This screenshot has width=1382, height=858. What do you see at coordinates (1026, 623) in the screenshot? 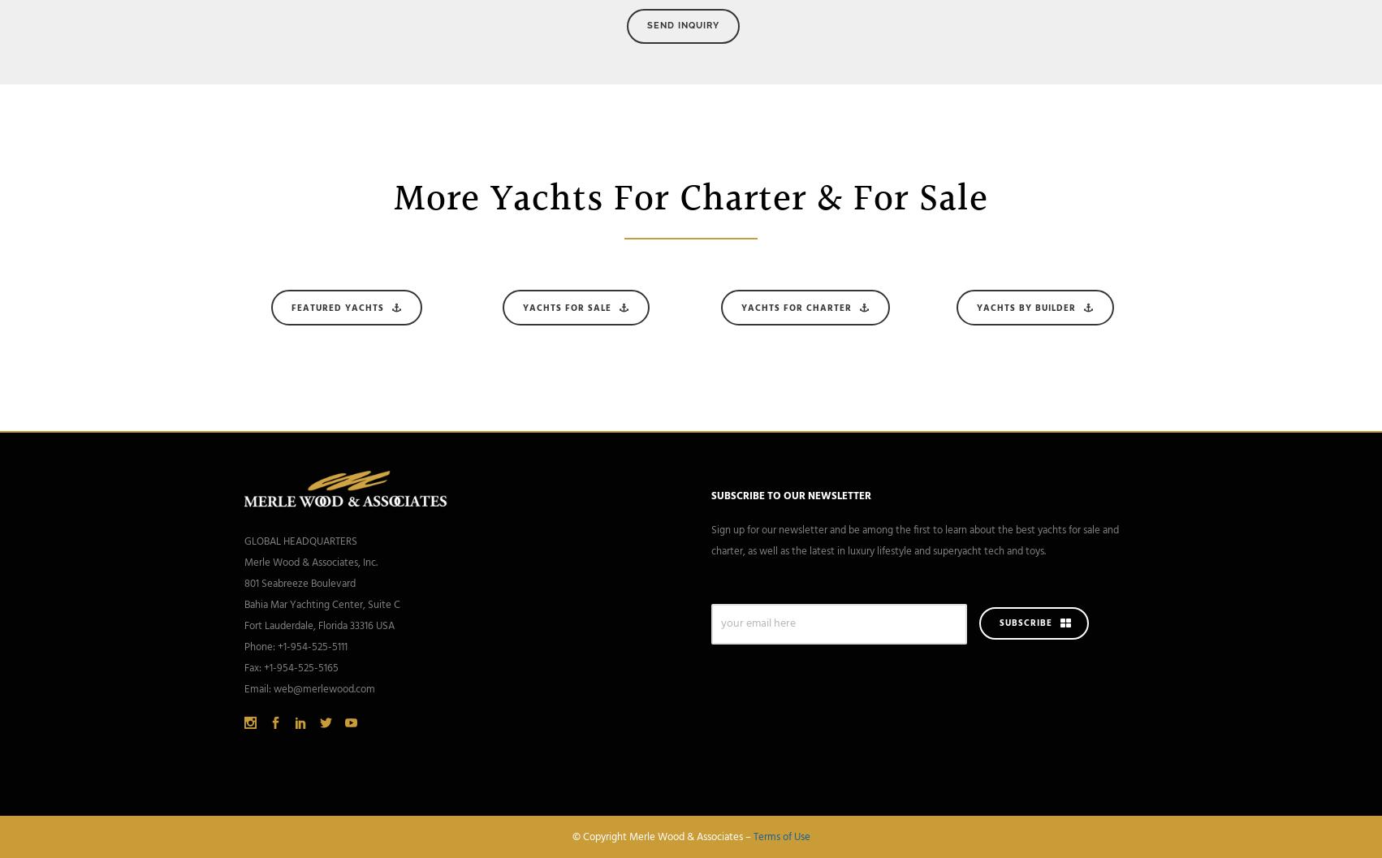
I see `'SUBSCRIBE'` at bounding box center [1026, 623].